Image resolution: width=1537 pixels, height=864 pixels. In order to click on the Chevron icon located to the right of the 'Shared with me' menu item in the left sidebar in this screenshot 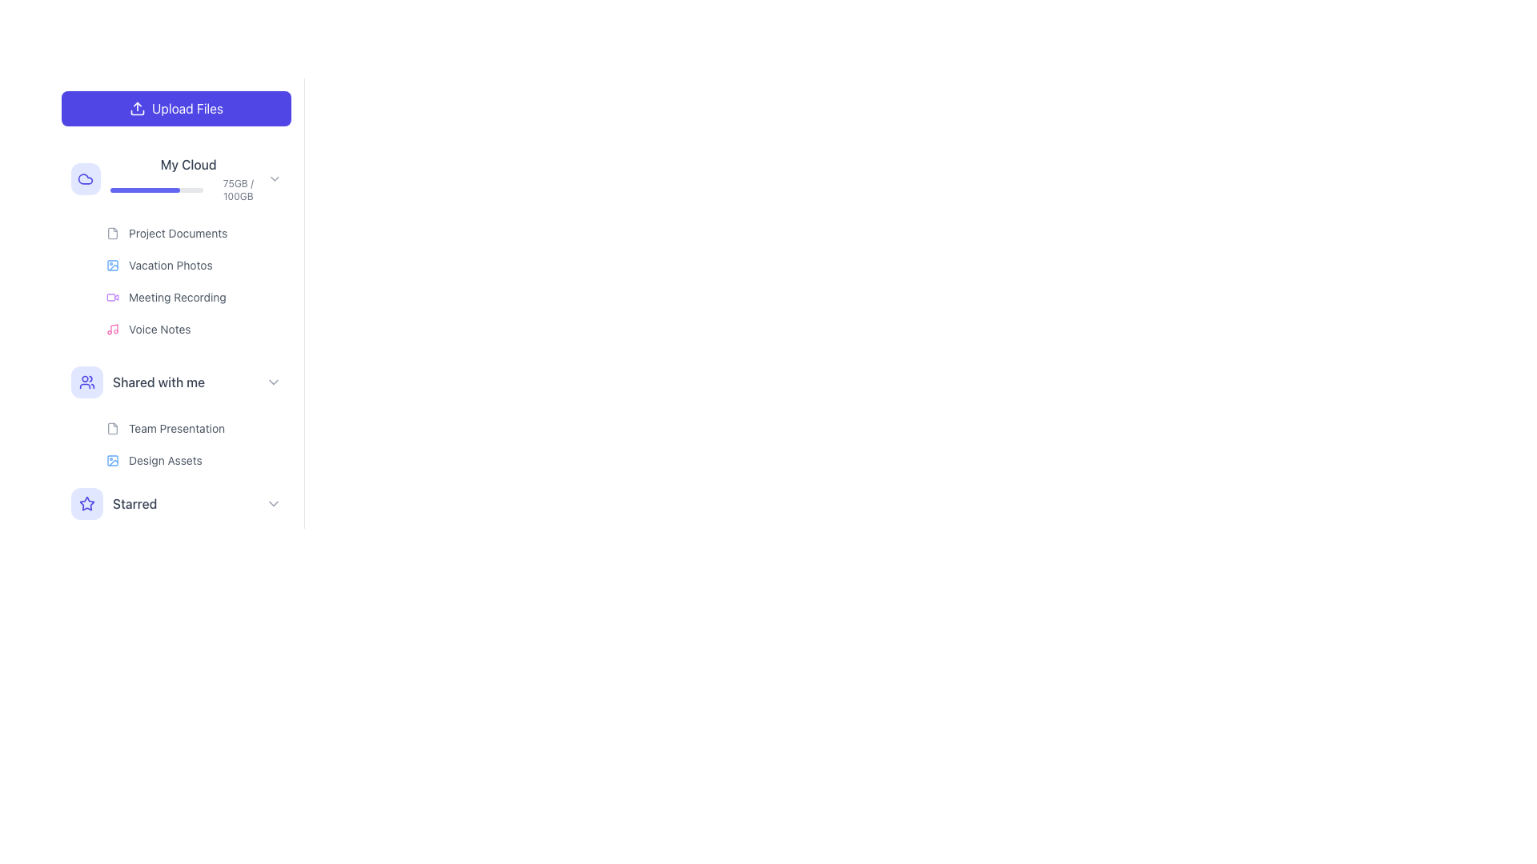, I will do `click(273, 382)`.